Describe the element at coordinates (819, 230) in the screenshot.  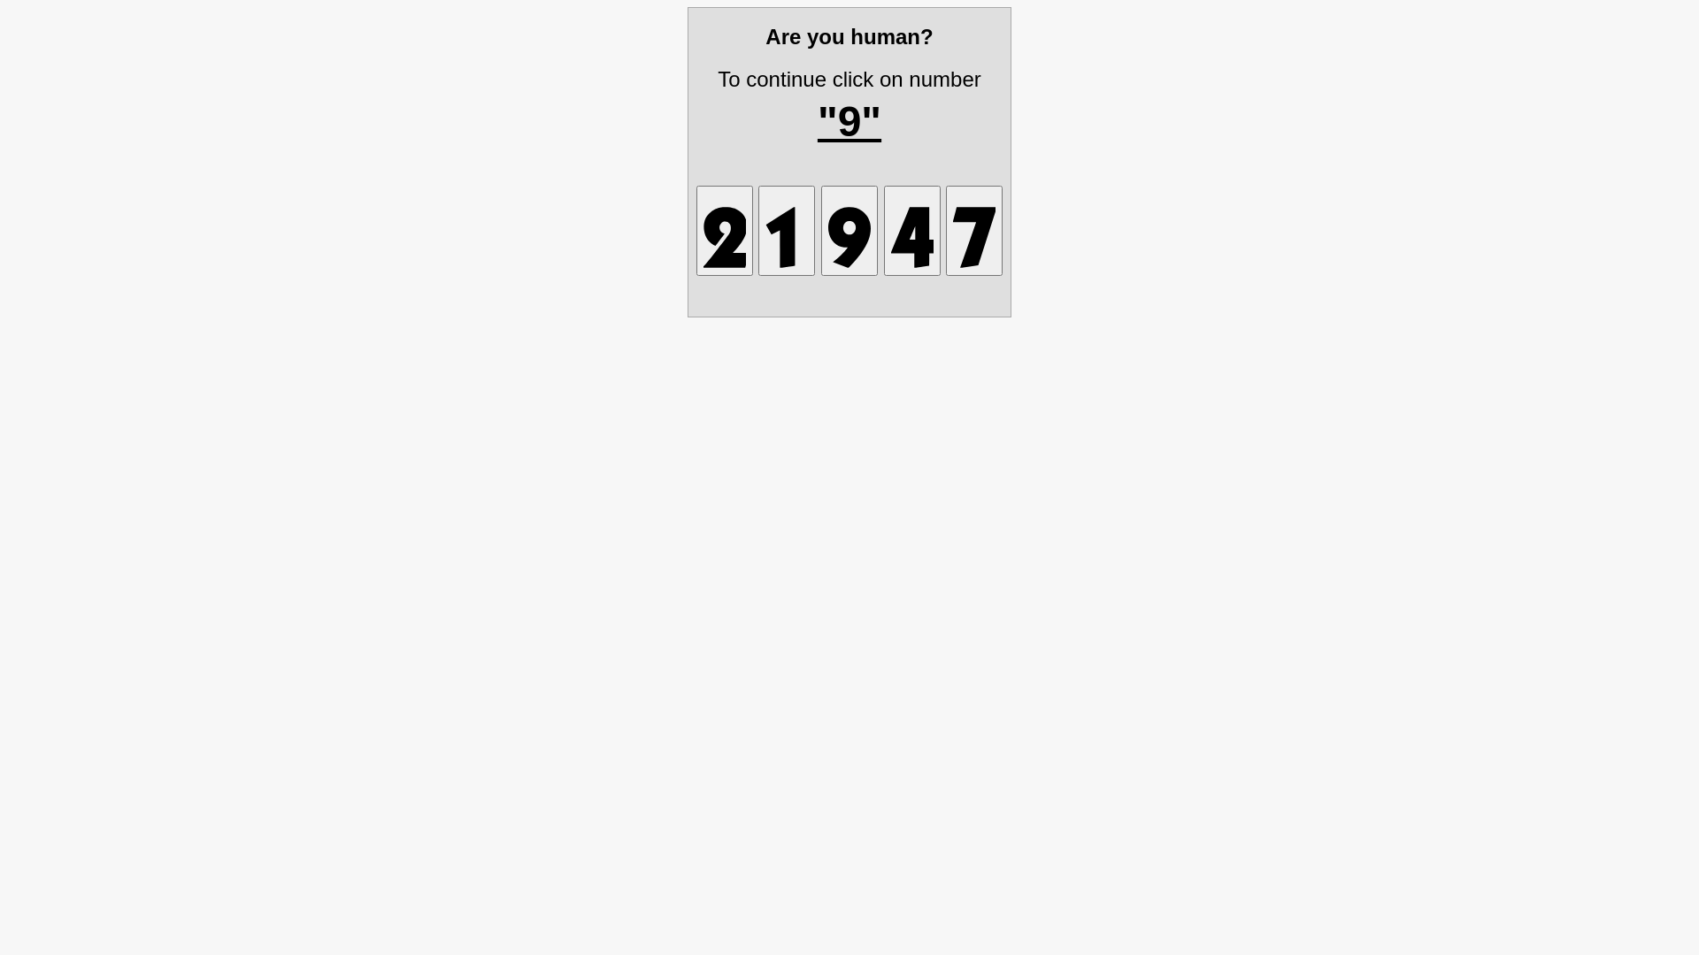
I see `'1732443118527091'` at that location.